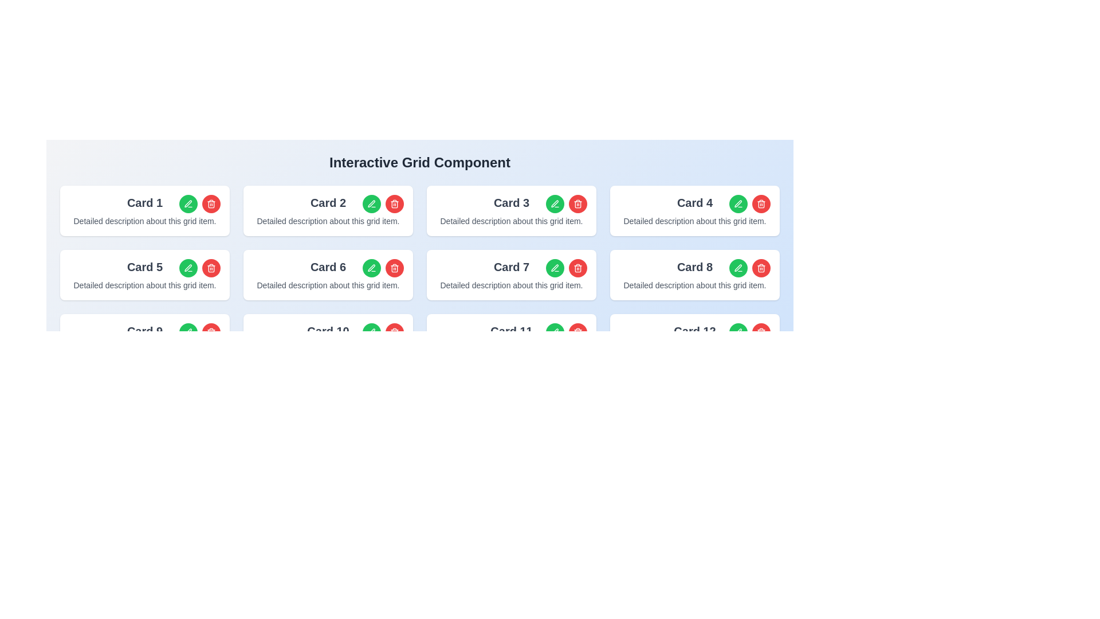 This screenshot has width=1100, height=619. I want to click on the pen-shaped icon button located on the right side of the third card in the first row to initiate an edit action, so click(555, 203).